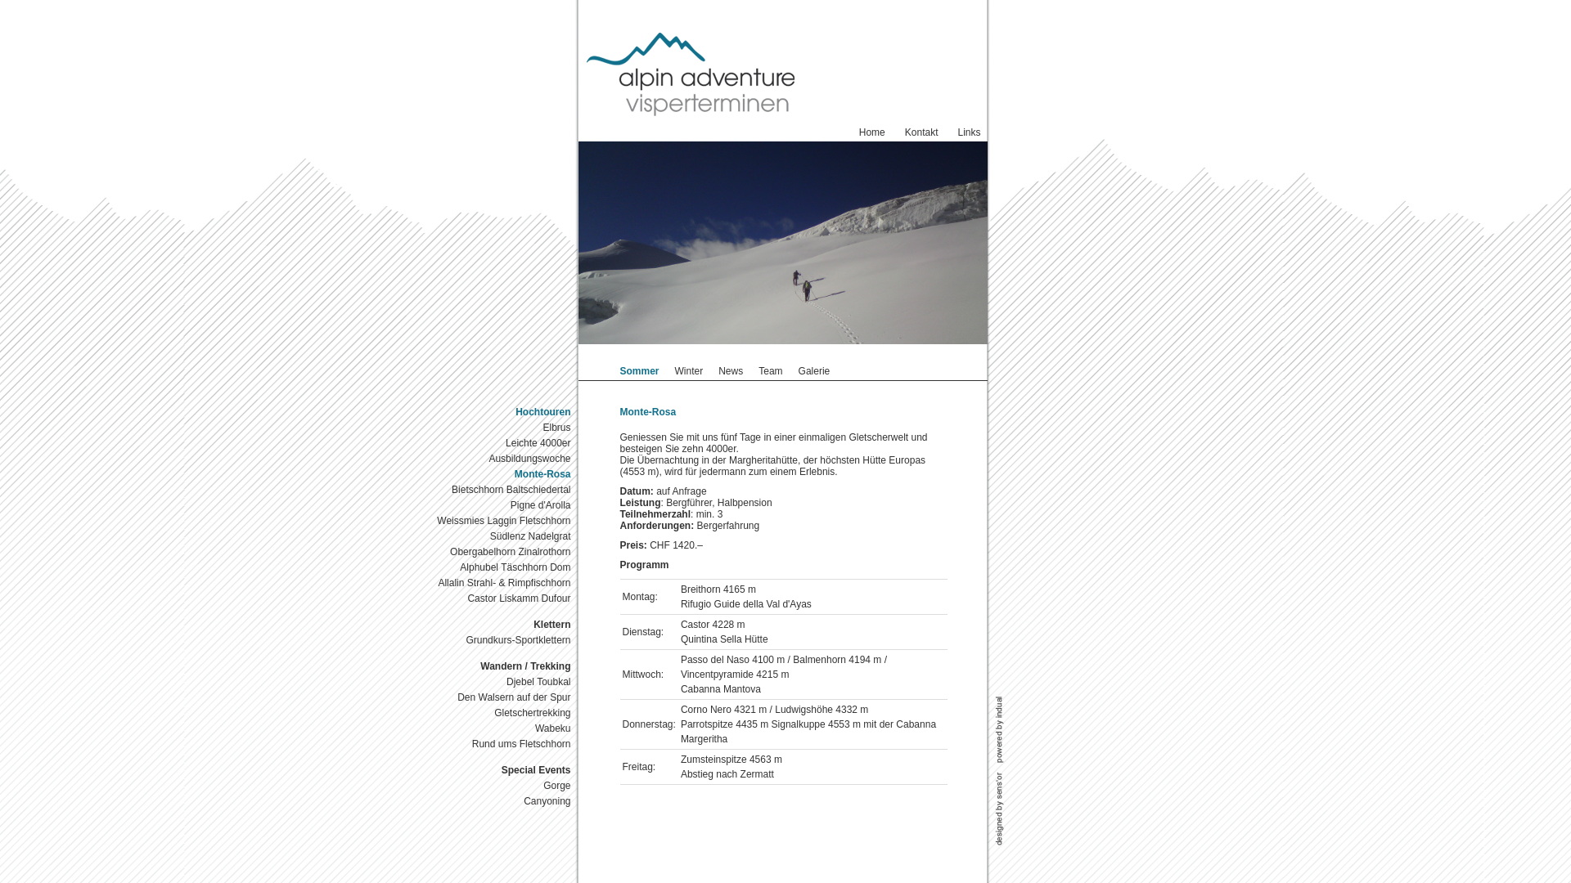 The width and height of the screenshot is (1571, 883). I want to click on 'Special Events', so click(498, 770).